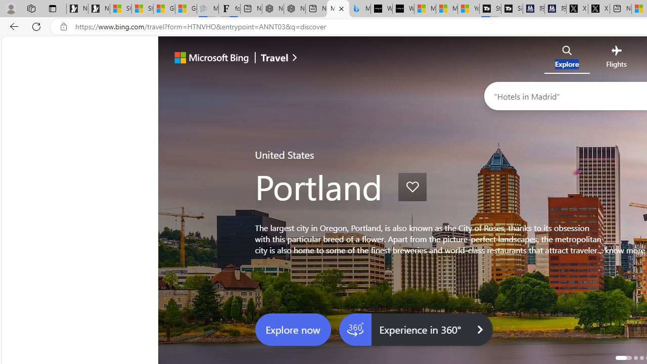 The height and width of the screenshot is (364, 647). Describe the element at coordinates (12, 26) in the screenshot. I see `'Back'` at that location.